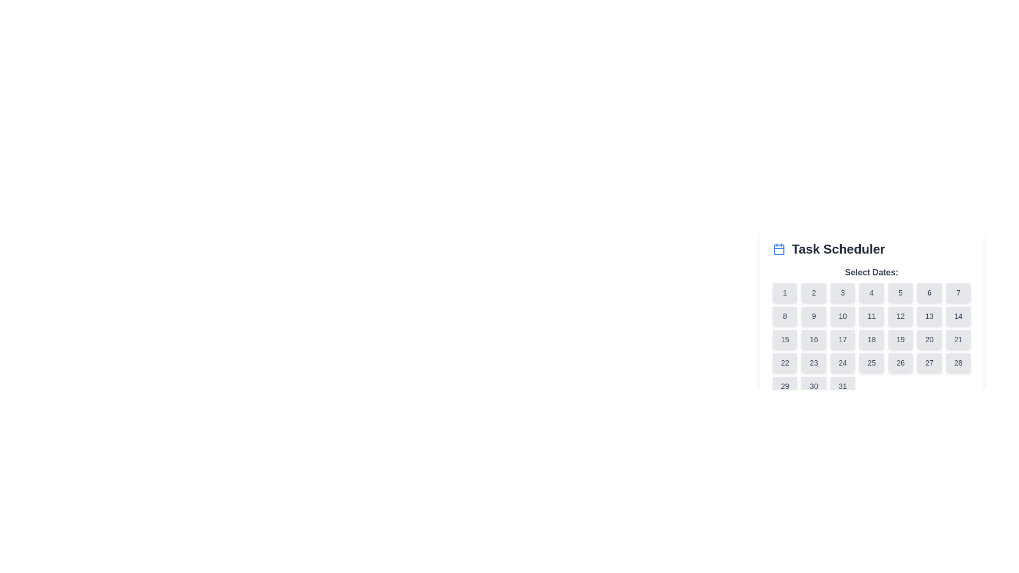 Image resolution: width=1019 pixels, height=573 pixels. I want to click on the calendar day selection button for date '25' located in the 'Task Scheduler' section, so click(871, 362).